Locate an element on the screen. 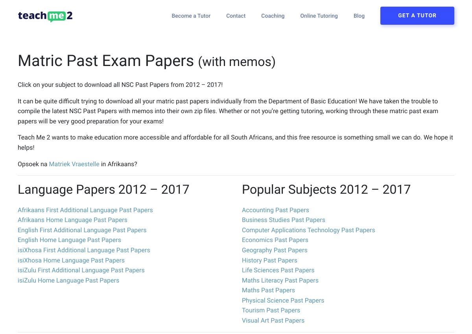  'Computer Applications Technology Past Papers' is located at coordinates (308, 229).